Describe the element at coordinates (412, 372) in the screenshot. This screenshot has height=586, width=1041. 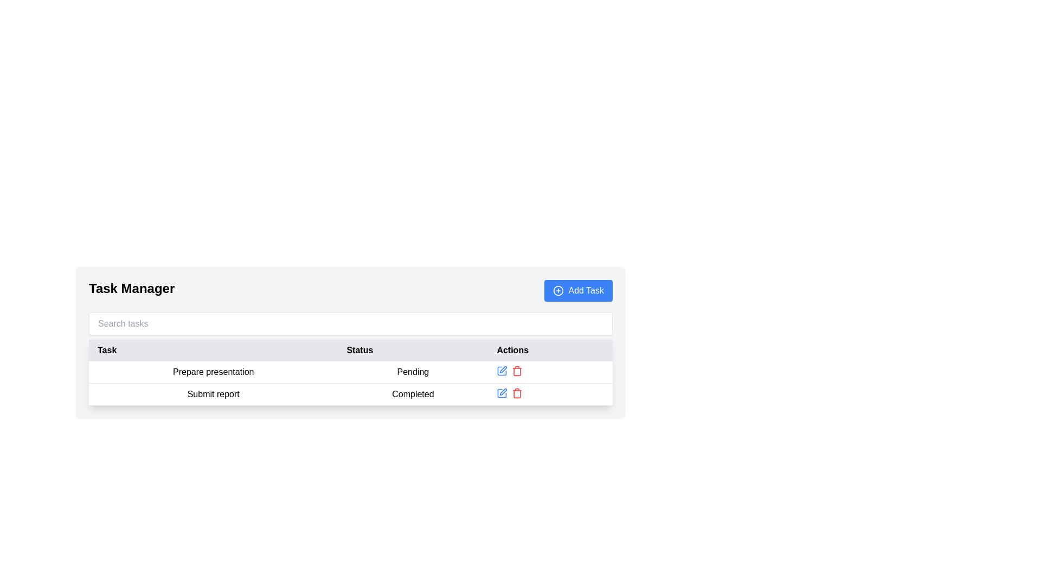
I see `the 'Pending' text label in the 'Status' column, which is displayed in black font on a white background, located in the first row under the 'Prepare presentation' label` at that location.